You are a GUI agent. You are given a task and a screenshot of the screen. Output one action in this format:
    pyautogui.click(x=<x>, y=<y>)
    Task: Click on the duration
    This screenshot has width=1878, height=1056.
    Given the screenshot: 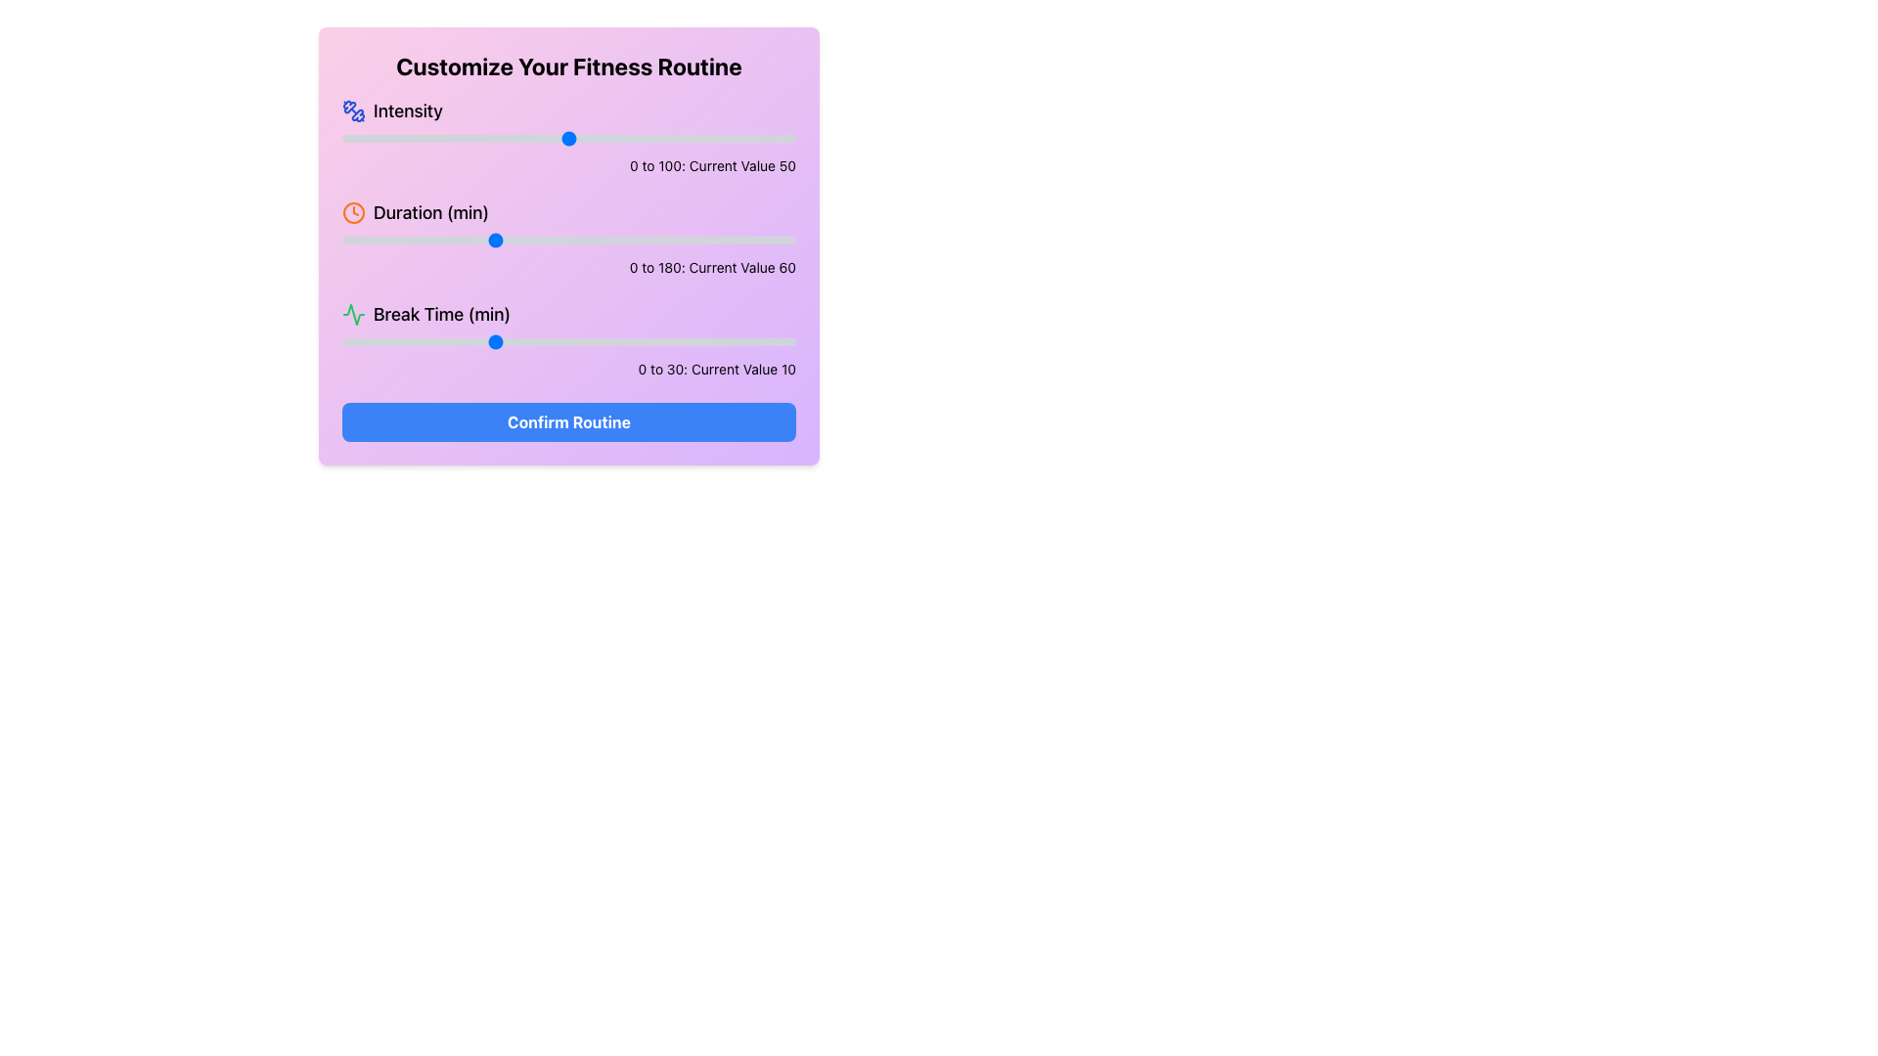 What is the action you would take?
    pyautogui.click(x=380, y=240)
    